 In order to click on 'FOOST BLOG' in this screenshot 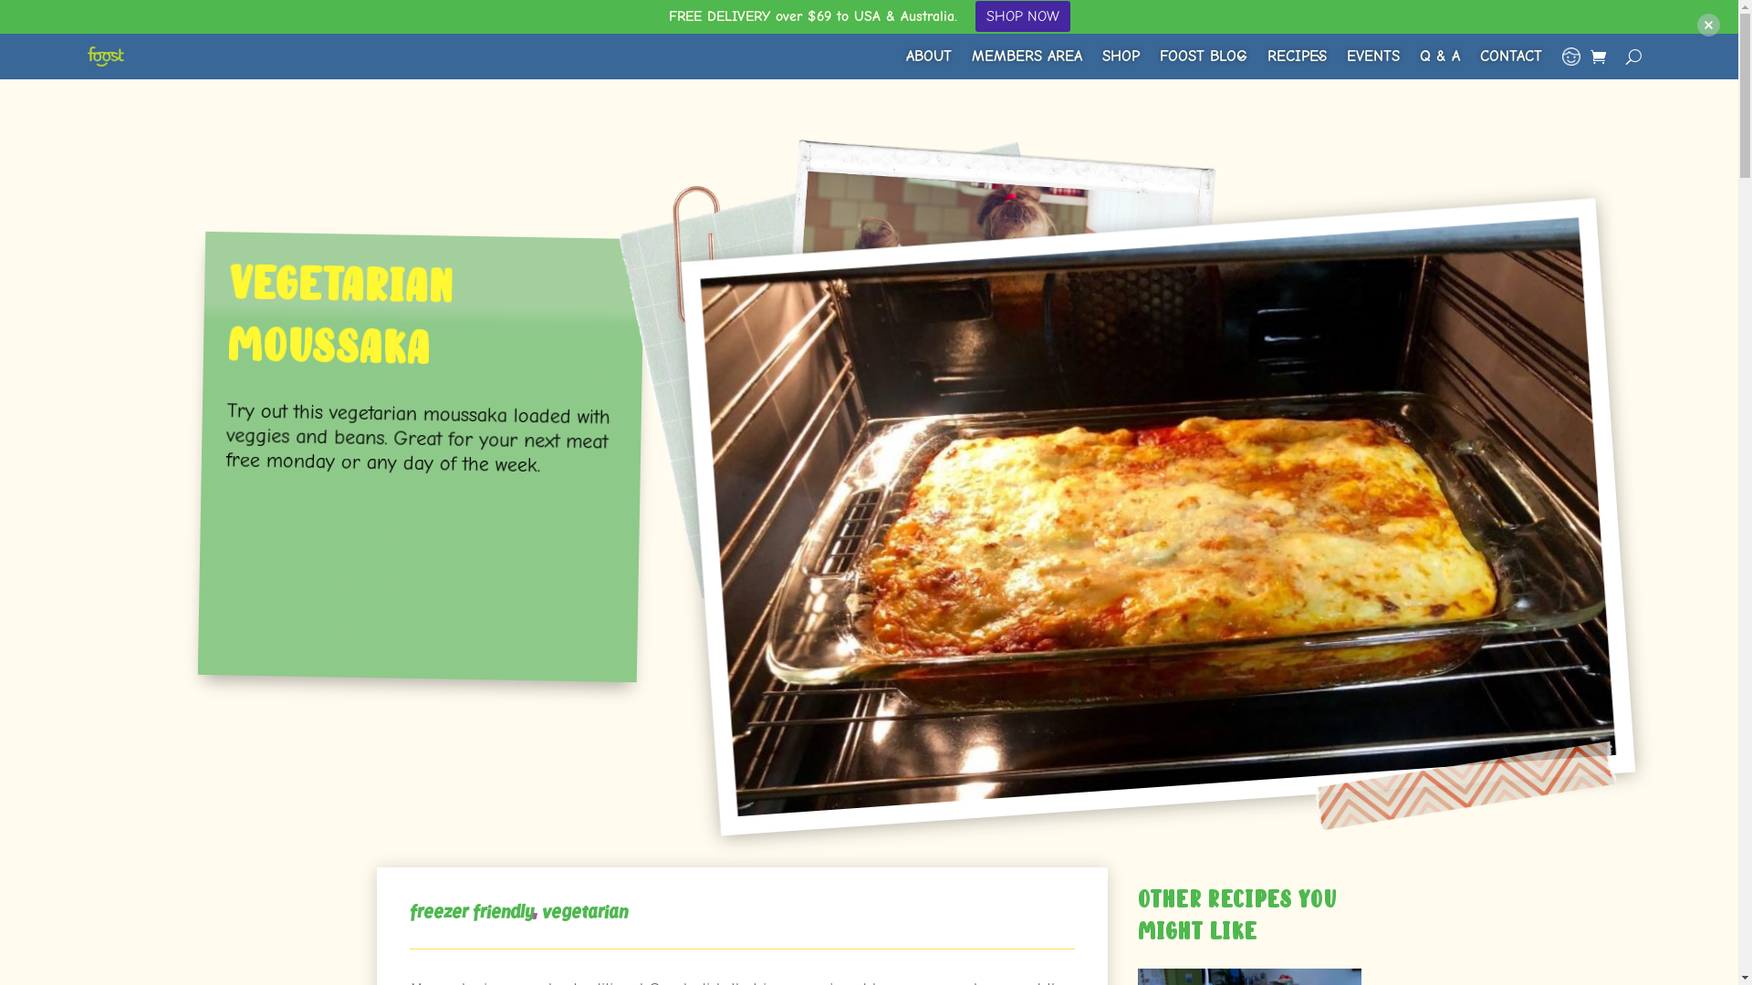, I will do `click(1204, 55)`.